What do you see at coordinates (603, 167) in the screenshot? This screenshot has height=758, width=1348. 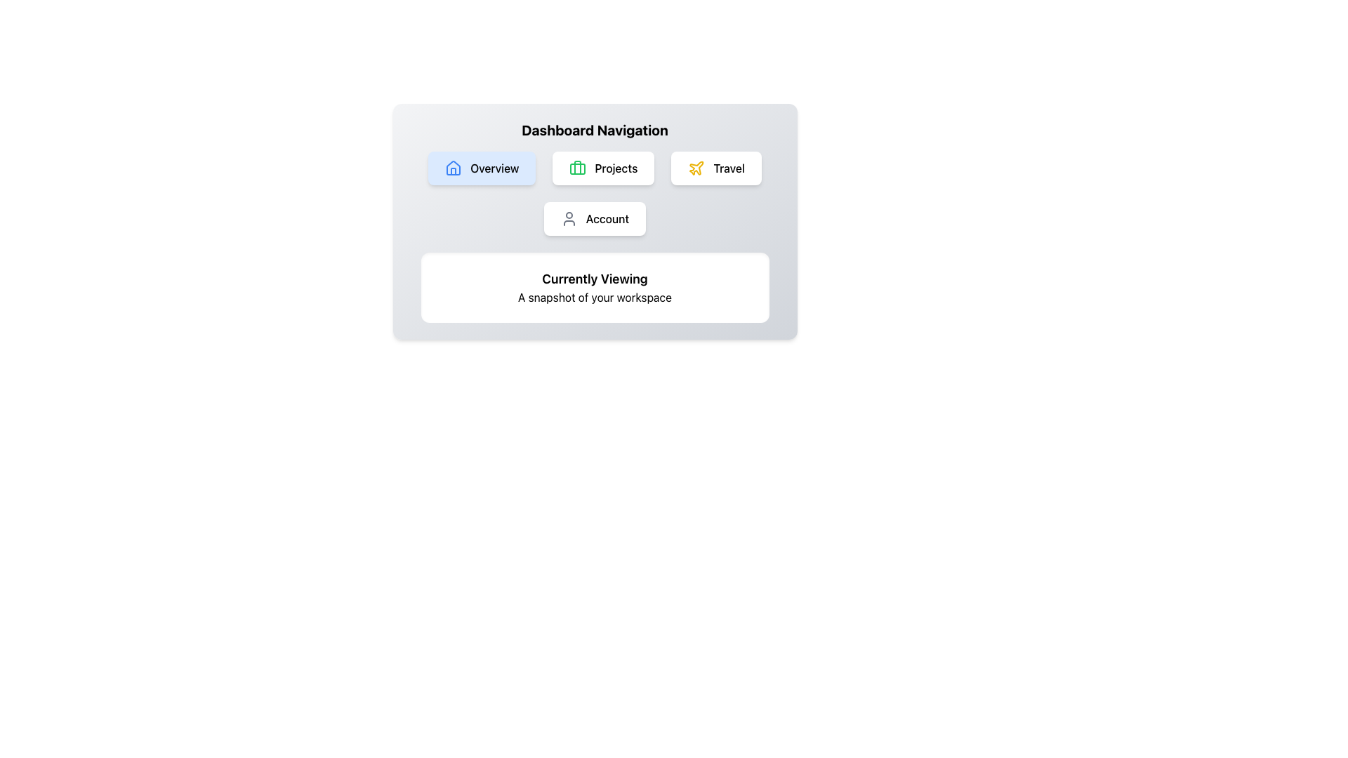 I see `the rectangular 'Projects' button with rounded corners and a suitcase icon on the left, located in the 'Dashboard Navigation' section` at bounding box center [603, 167].